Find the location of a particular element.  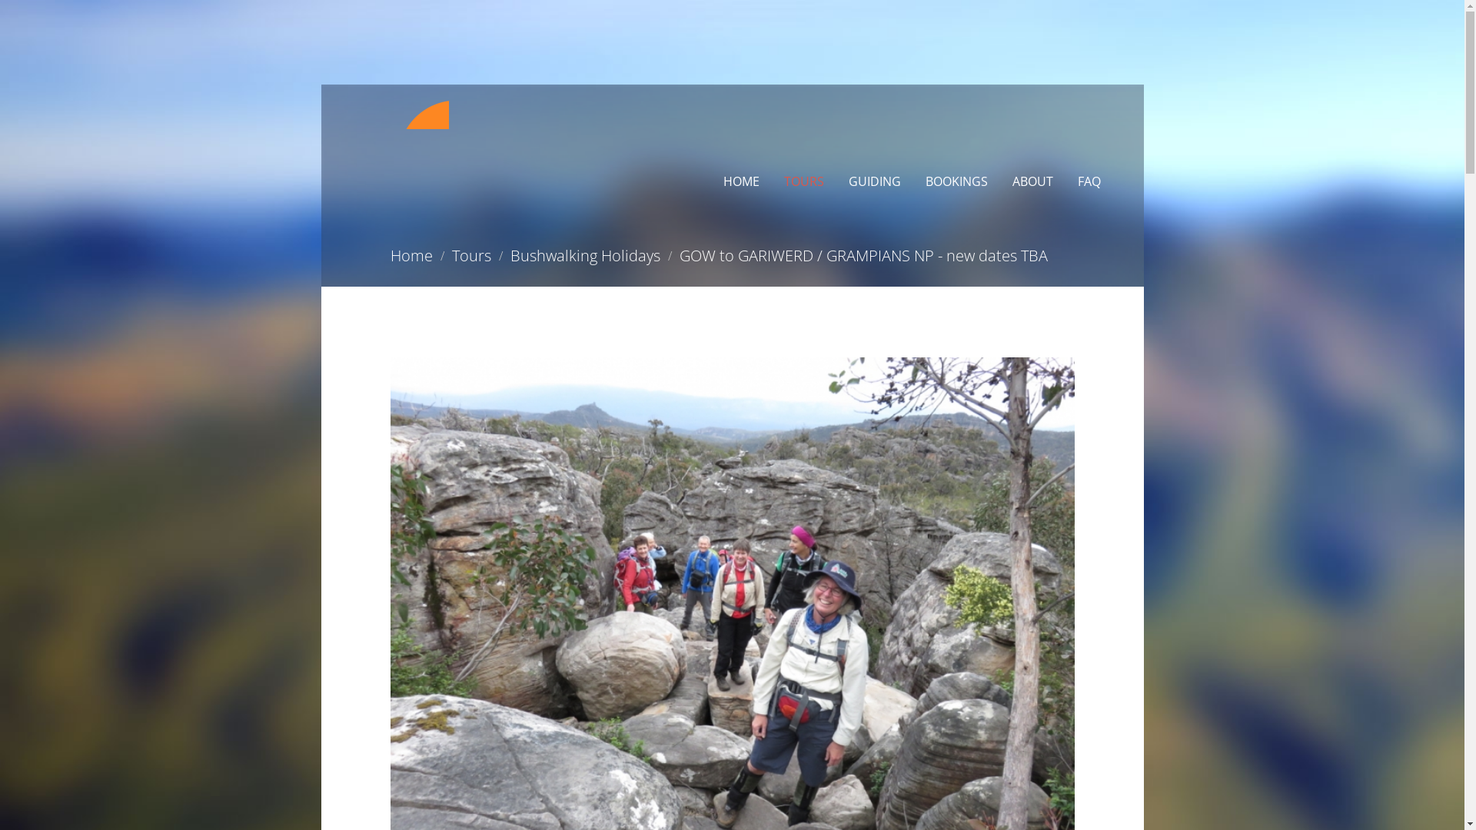

'ABOUT' is located at coordinates (1032, 180).